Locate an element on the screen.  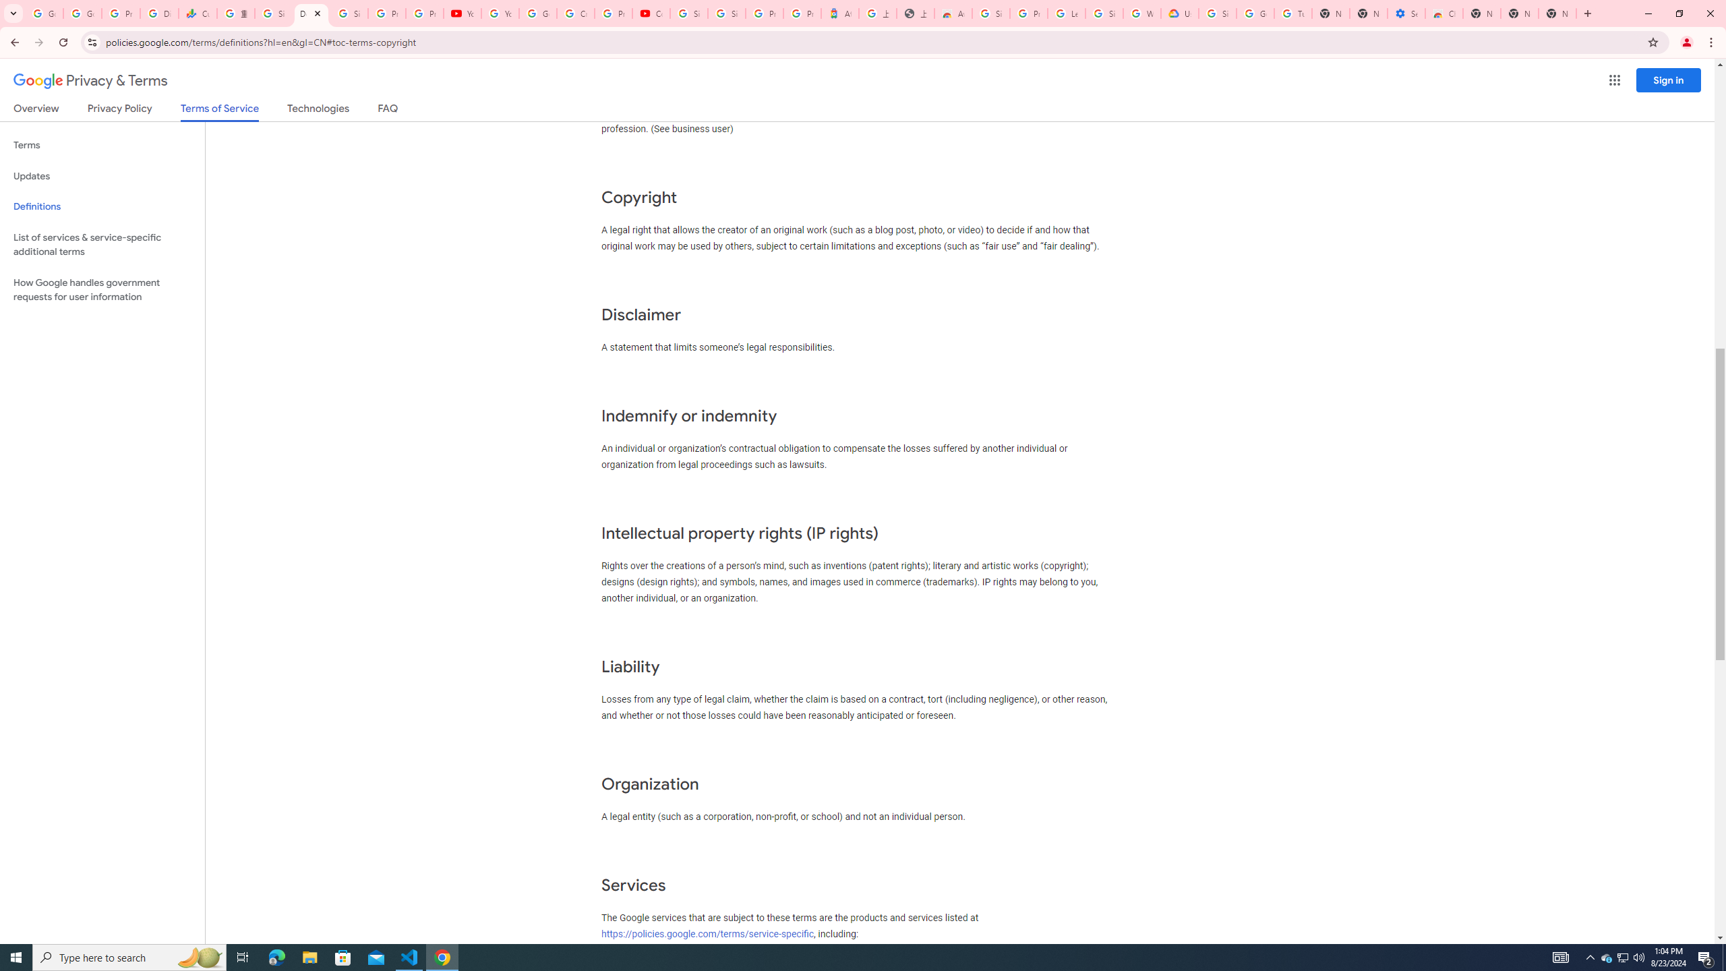
'YouTube' is located at coordinates (500, 13).